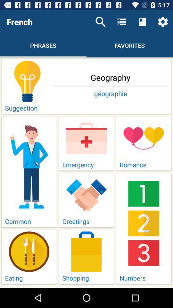 This screenshot has width=173, height=308. Describe the element at coordinates (101, 22) in the screenshot. I see `icon next to french icon` at that location.